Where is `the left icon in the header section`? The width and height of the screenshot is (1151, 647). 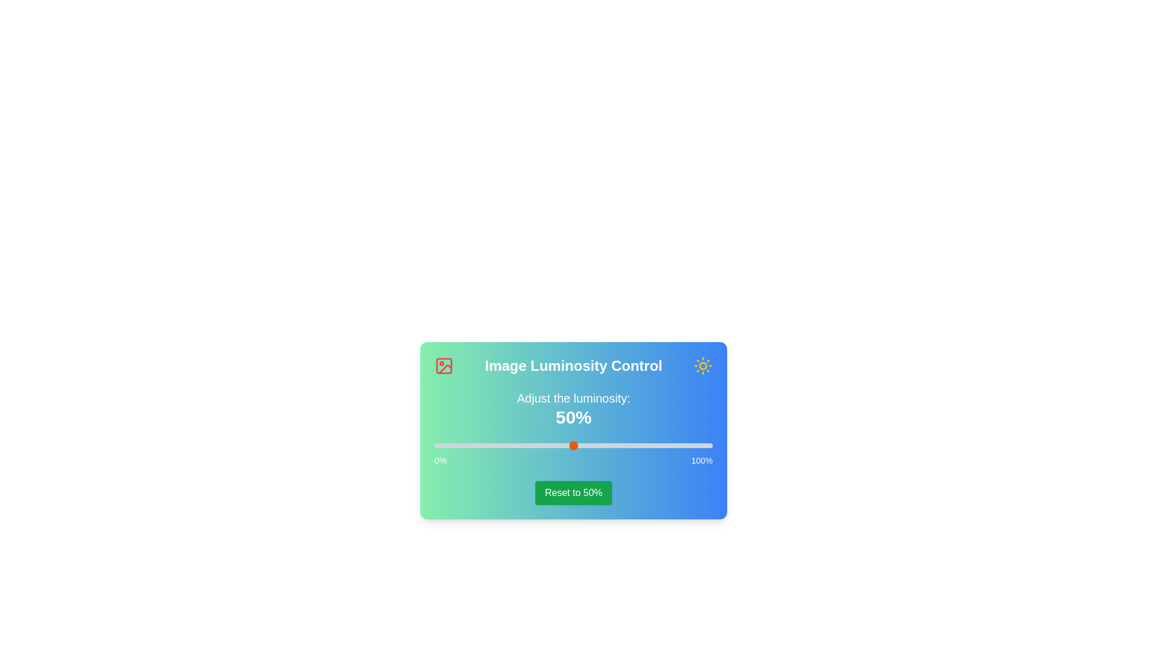
the left icon in the header section is located at coordinates (443, 365).